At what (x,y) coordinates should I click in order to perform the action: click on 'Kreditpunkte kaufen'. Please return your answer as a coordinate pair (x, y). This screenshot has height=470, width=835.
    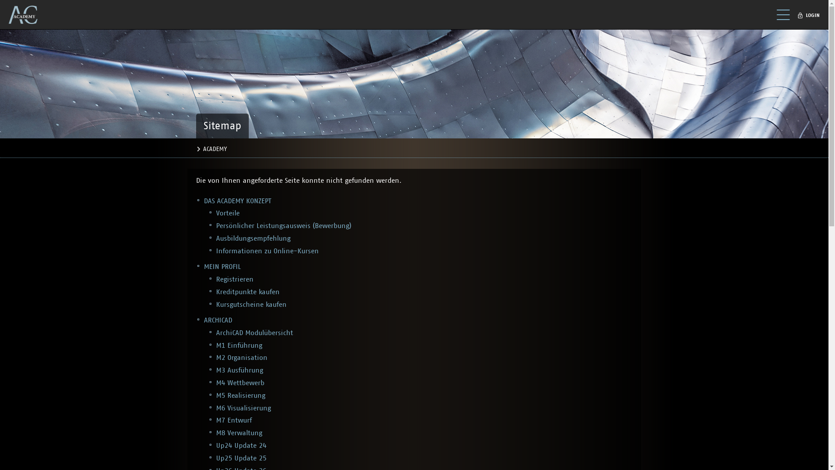
    Looking at the image, I should click on (247, 292).